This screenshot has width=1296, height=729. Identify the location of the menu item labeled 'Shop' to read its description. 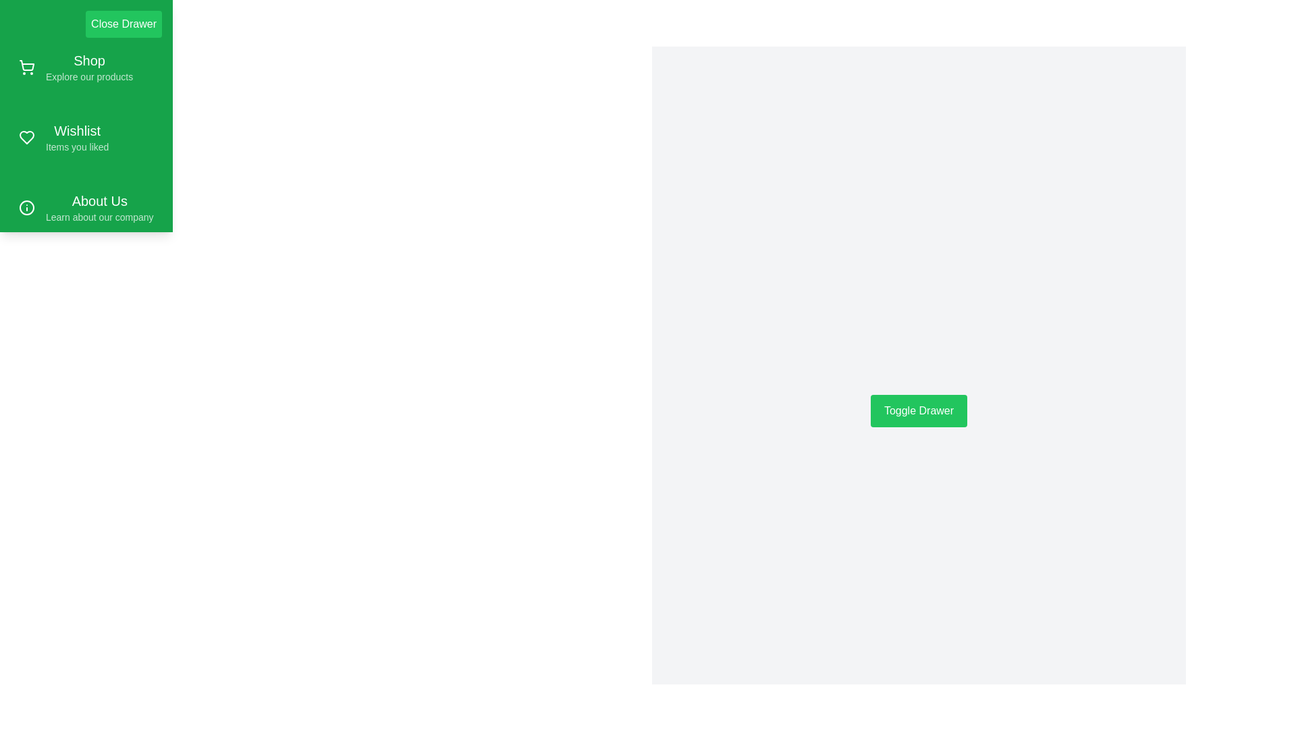
(86, 67).